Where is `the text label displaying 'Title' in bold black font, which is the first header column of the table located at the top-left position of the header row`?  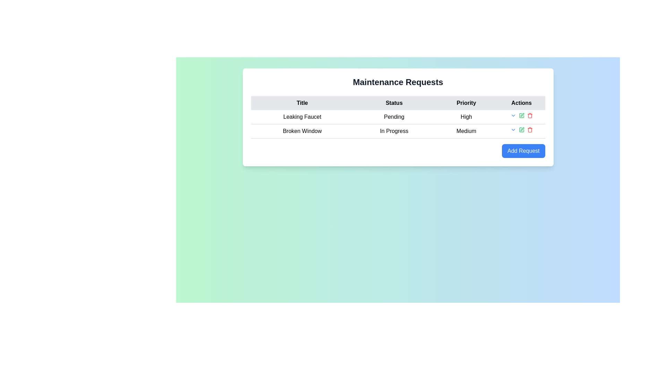 the text label displaying 'Title' in bold black font, which is the first header column of the table located at the top-left position of the header row is located at coordinates (302, 103).